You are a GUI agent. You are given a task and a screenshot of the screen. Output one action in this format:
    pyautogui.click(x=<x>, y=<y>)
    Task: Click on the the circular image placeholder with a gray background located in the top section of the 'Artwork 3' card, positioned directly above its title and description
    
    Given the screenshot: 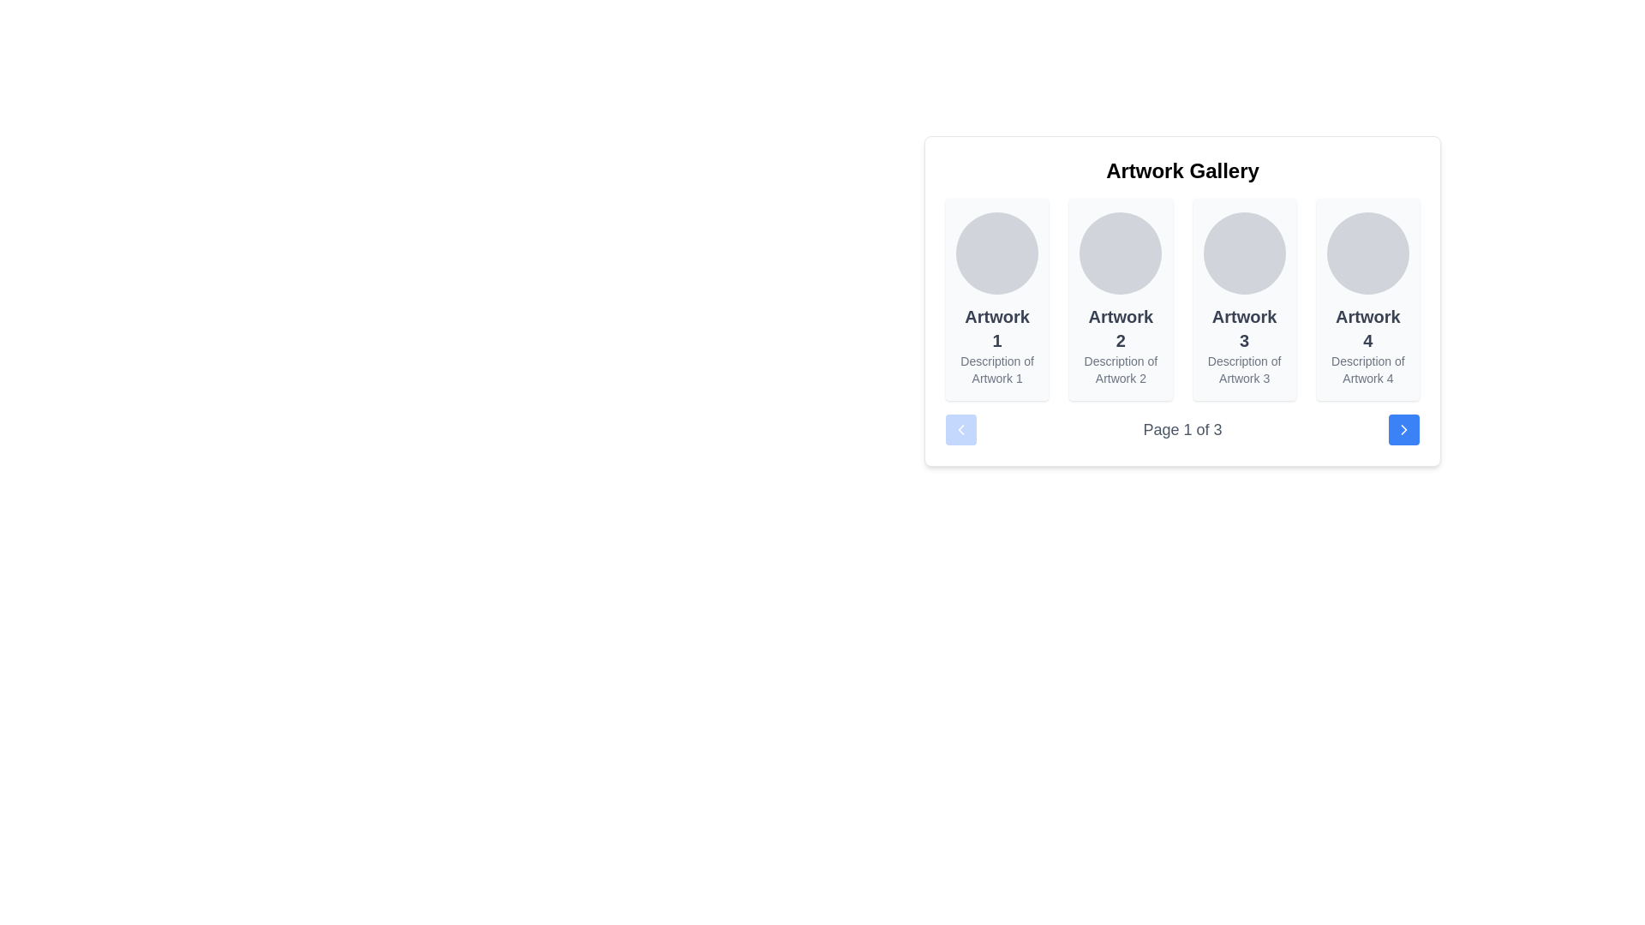 What is the action you would take?
    pyautogui.click(x=1244, y=254)
    